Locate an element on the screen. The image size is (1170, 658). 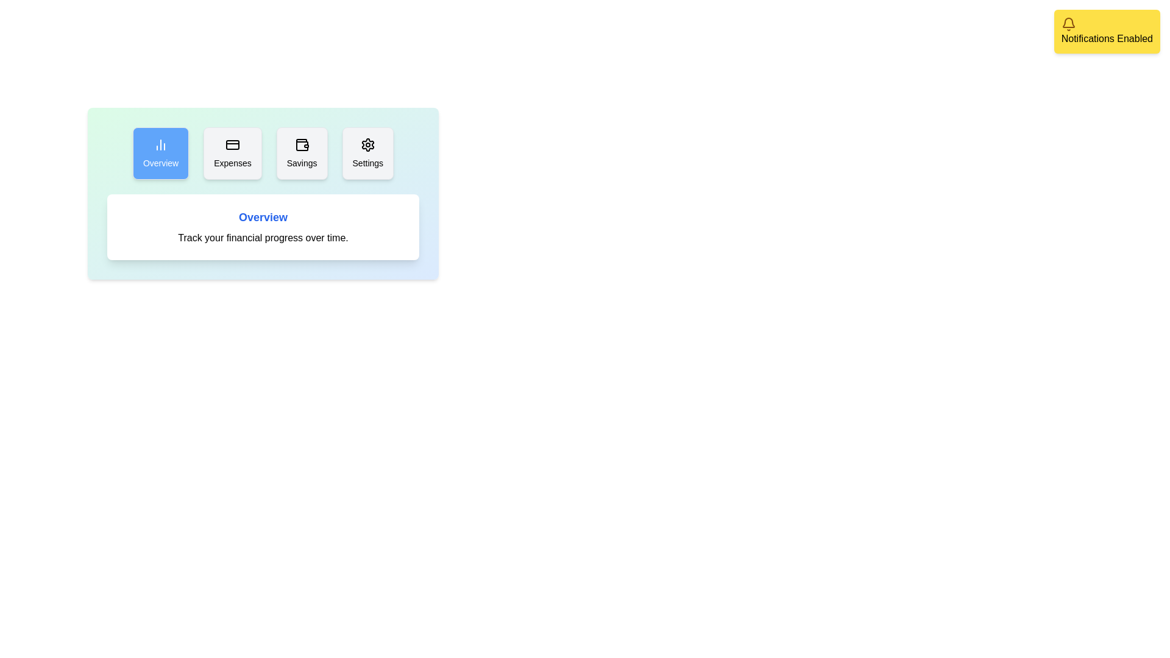
the tab Settings by clicking on it is located at coordinates (367, 152).